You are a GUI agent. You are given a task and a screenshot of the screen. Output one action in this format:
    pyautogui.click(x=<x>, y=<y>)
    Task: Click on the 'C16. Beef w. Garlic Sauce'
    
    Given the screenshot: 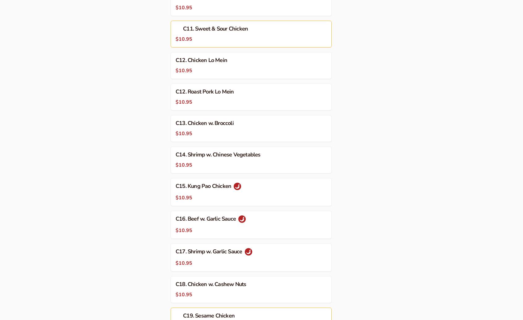 What is the action you would take?
    pyautogui.click(x=175, y=218)
    